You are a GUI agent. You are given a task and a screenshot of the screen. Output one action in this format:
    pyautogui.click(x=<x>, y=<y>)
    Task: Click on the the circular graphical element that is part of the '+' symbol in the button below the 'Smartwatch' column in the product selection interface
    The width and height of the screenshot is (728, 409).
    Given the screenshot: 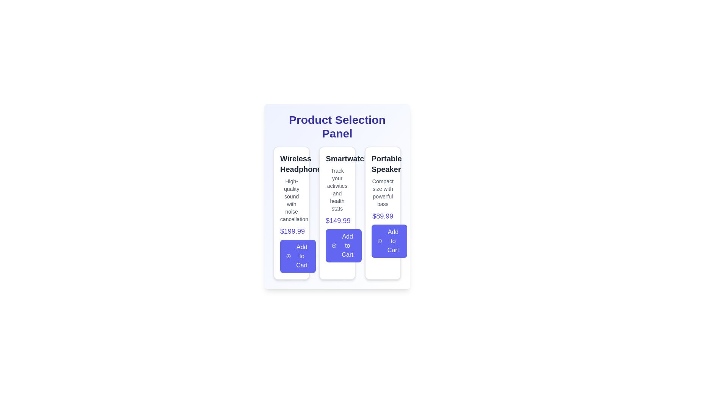 What is the action you would take?
    pyautogui.click(x=334, y=245)
    